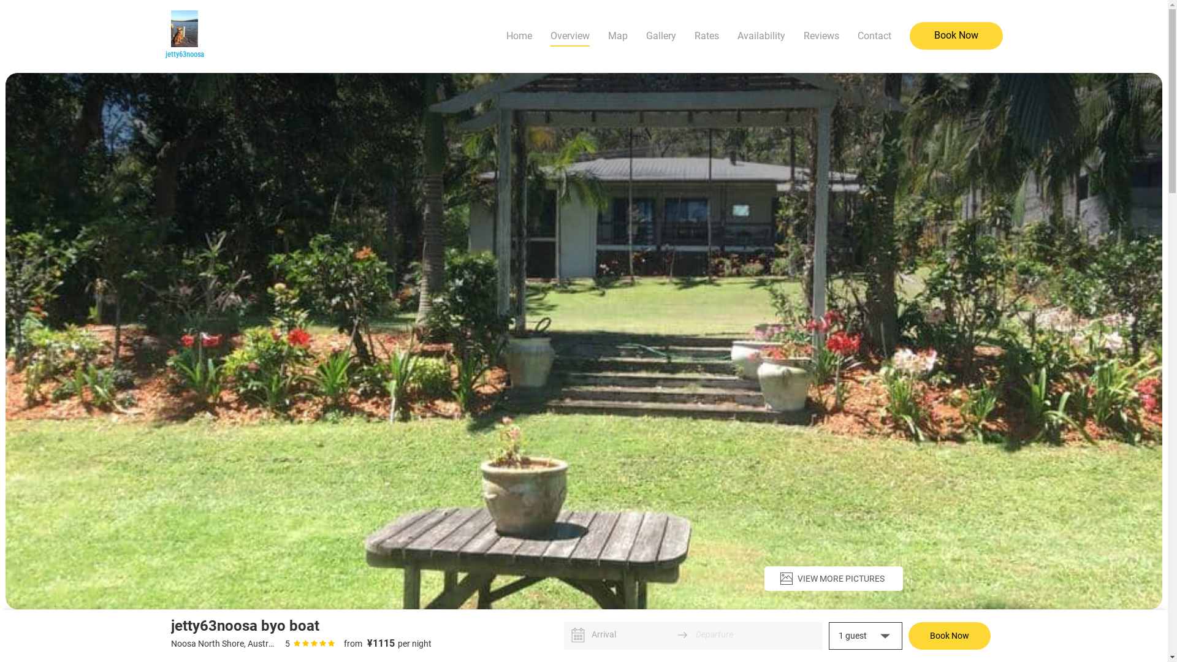 The height and width of the screenshot is (662, 1177). What do you see at coordinates (519, 35) in the screenshot?
I see `'Home'` at bounding box center [519, 35].